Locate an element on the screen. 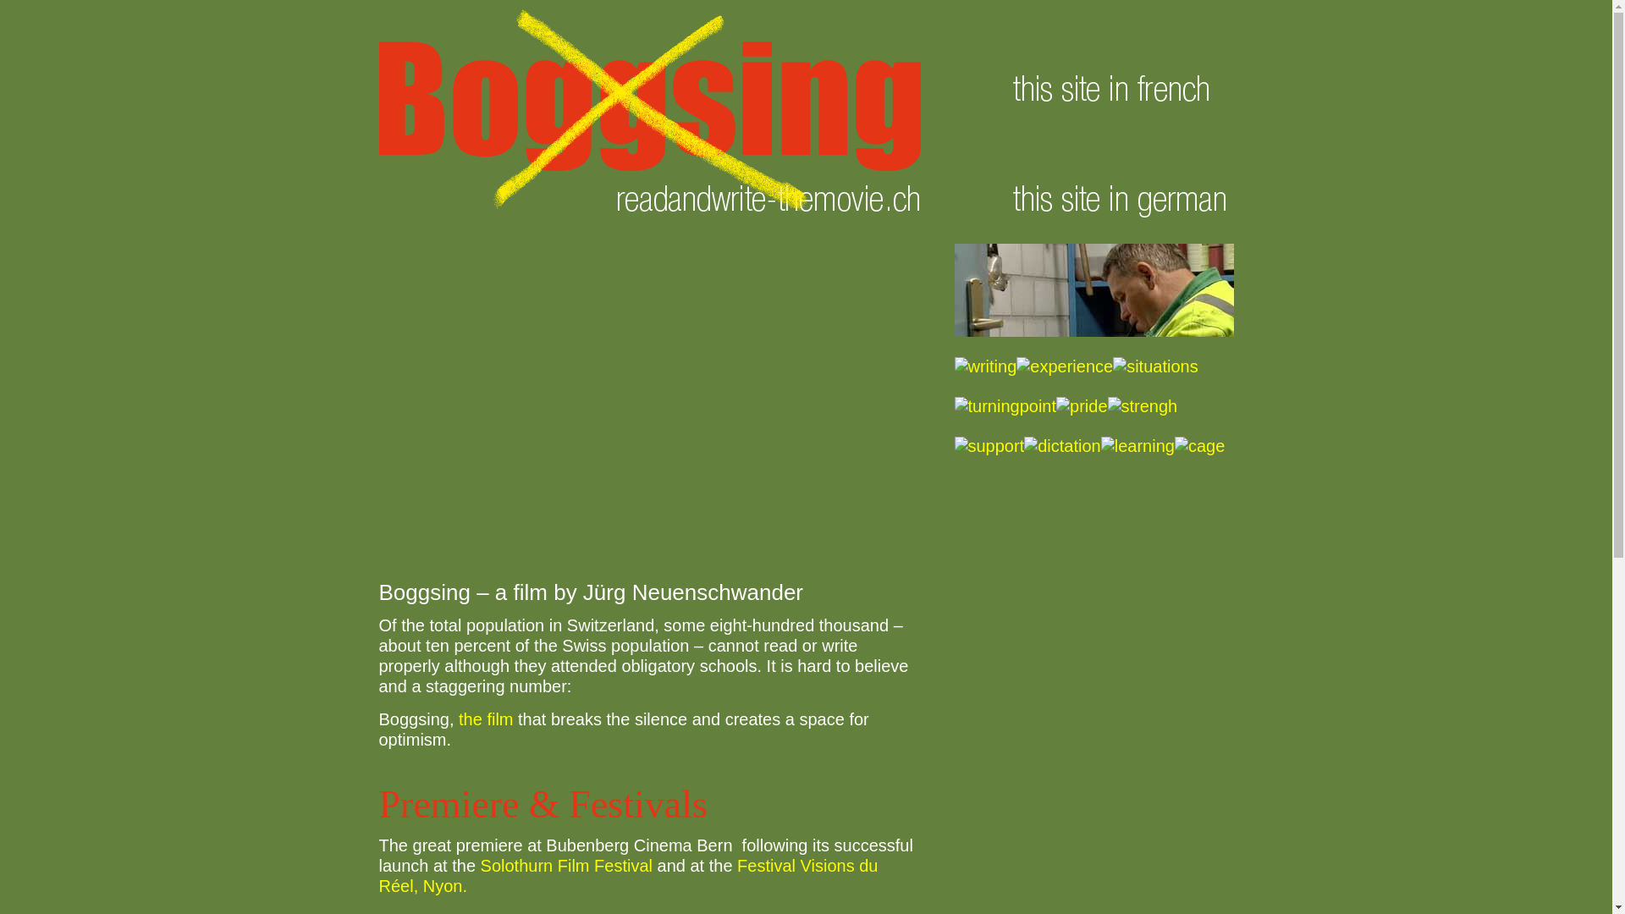  'the film' is located at coordinates (485, 719).